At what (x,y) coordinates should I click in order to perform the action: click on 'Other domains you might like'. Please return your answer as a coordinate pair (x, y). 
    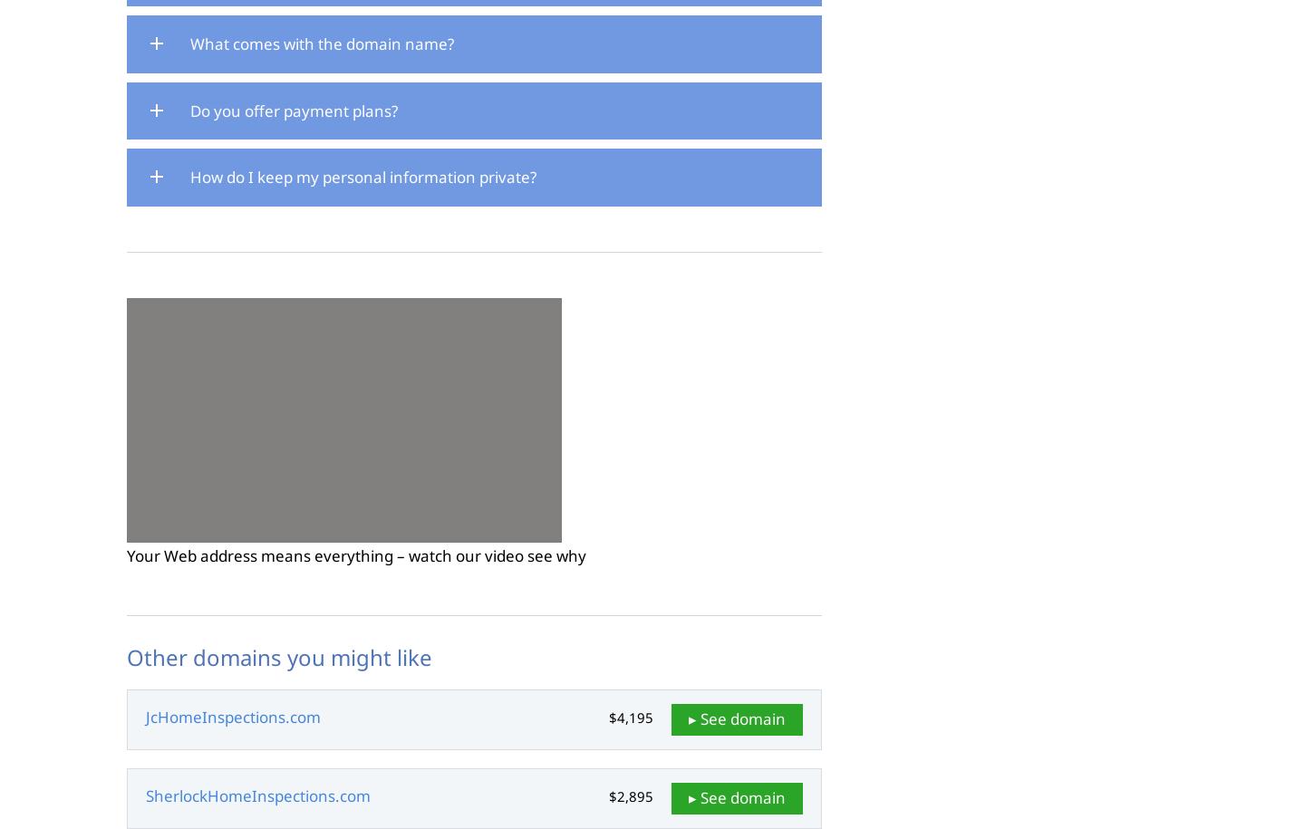
    Looking at the image, I should click on (279, 656).